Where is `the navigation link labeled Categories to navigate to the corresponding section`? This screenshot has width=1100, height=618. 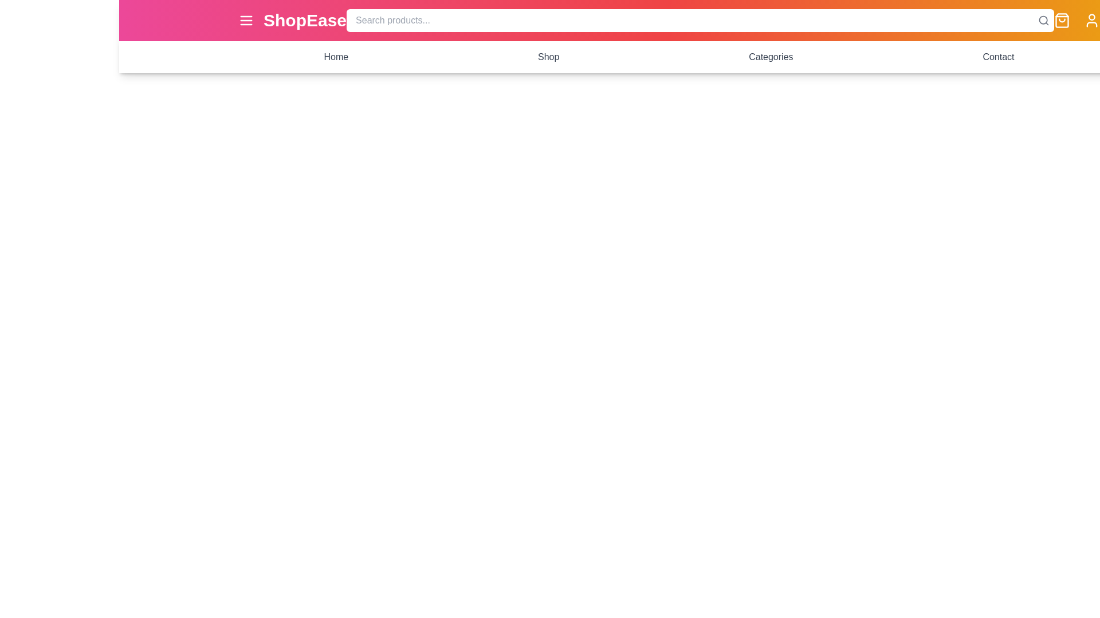 the navigation link labeled Categories to navigate to the corresponding section is located at coordinates (771, 57).